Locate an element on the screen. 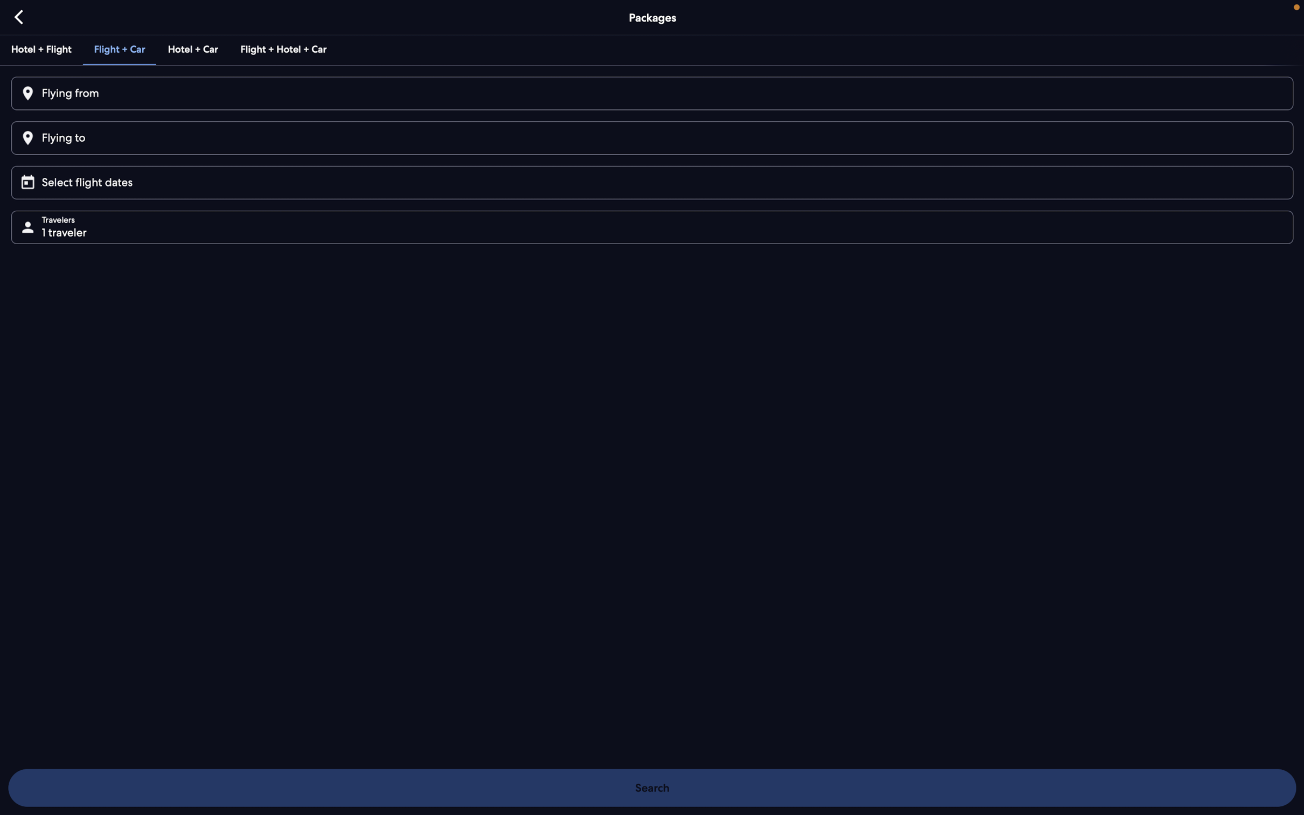 The width and height of the screenshot is (1304, 815). the departure location to "New Delhi" is located at coordinates (650, 94).